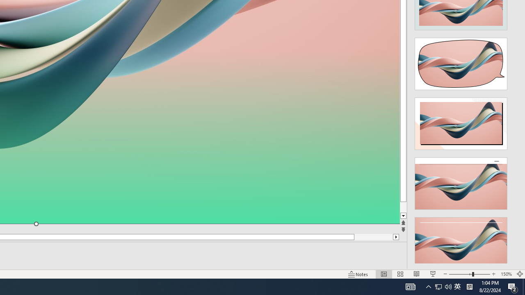 Image resolution: width=525 pixels, height=295 pixels. What do you see at coordinates (506, 274) in the screenshot?
I see `'Zoom 150%'` at bounding box center [506, 274].